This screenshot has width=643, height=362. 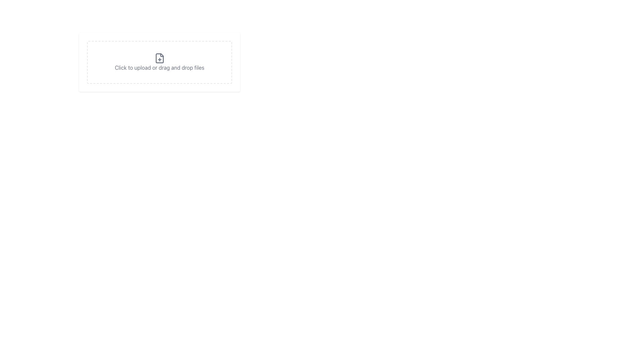 I want to click on the text label that reads 'Click to upload or drag and drop files.' which is styled in gray text and centered within a bordered region, so click(x=159, y=67).